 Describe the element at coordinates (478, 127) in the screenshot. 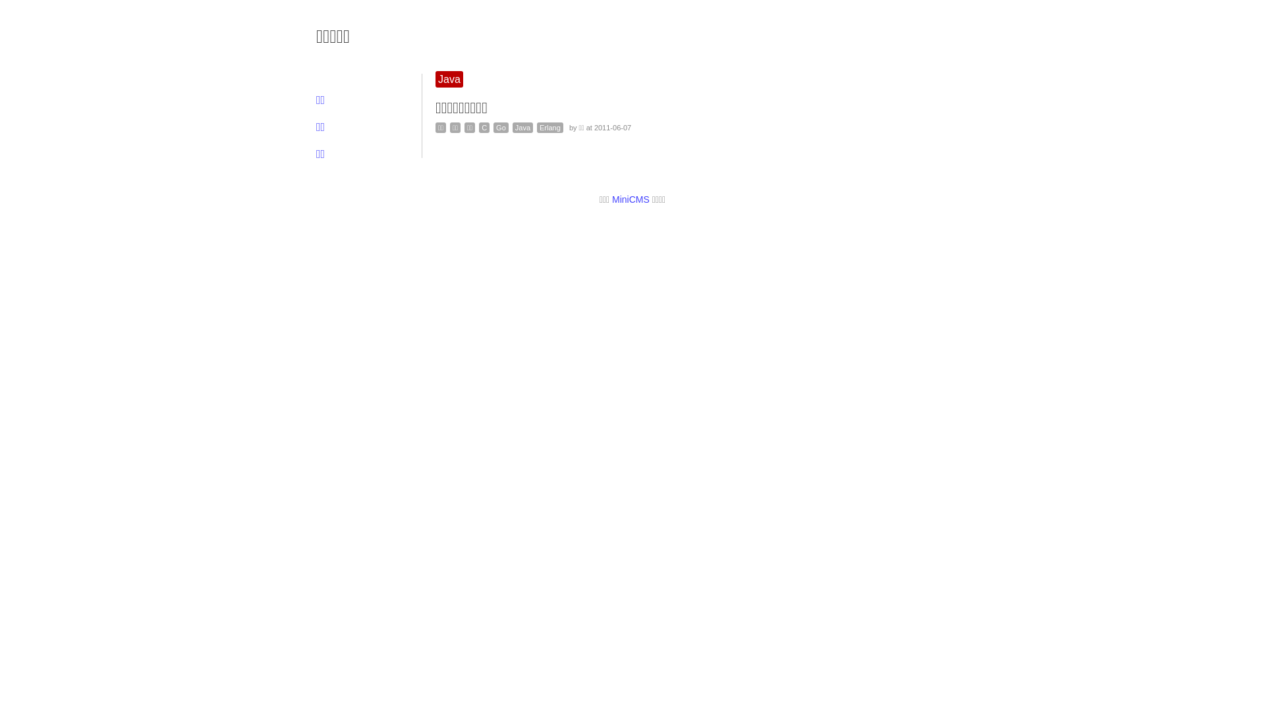

I see `'C'` at that location.